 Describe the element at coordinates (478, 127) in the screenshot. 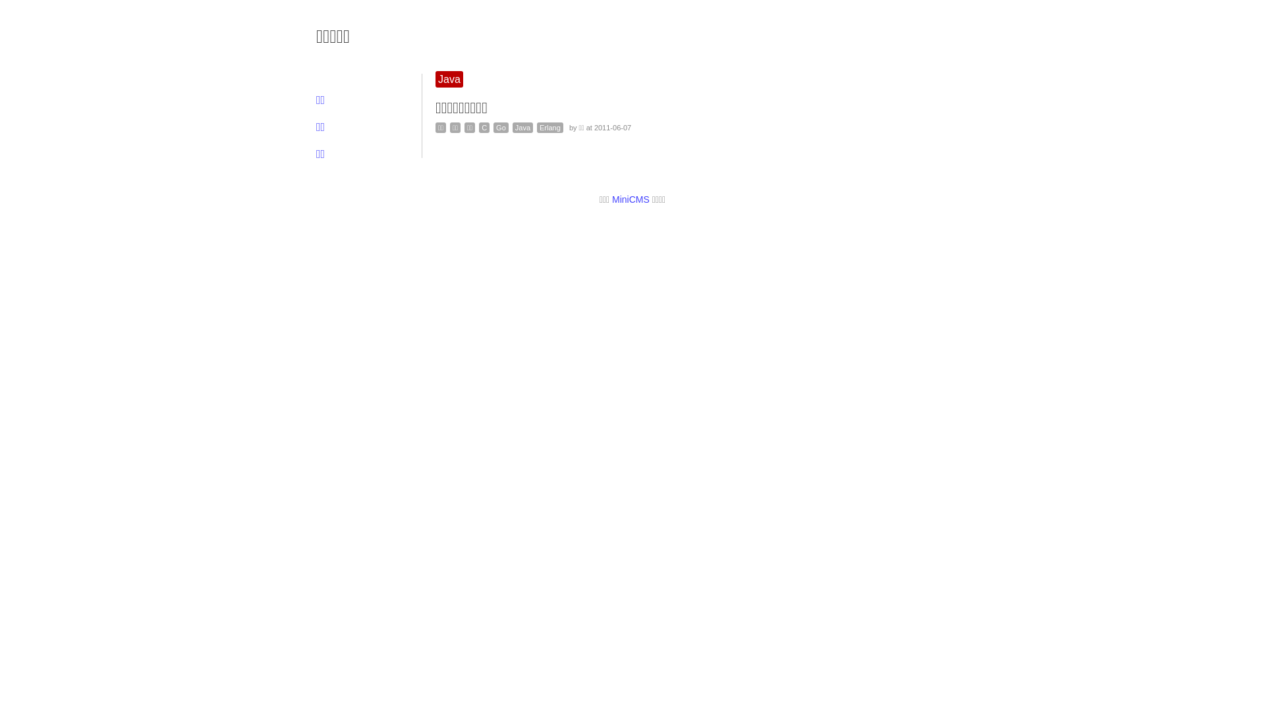

I see `'C'` at that location.